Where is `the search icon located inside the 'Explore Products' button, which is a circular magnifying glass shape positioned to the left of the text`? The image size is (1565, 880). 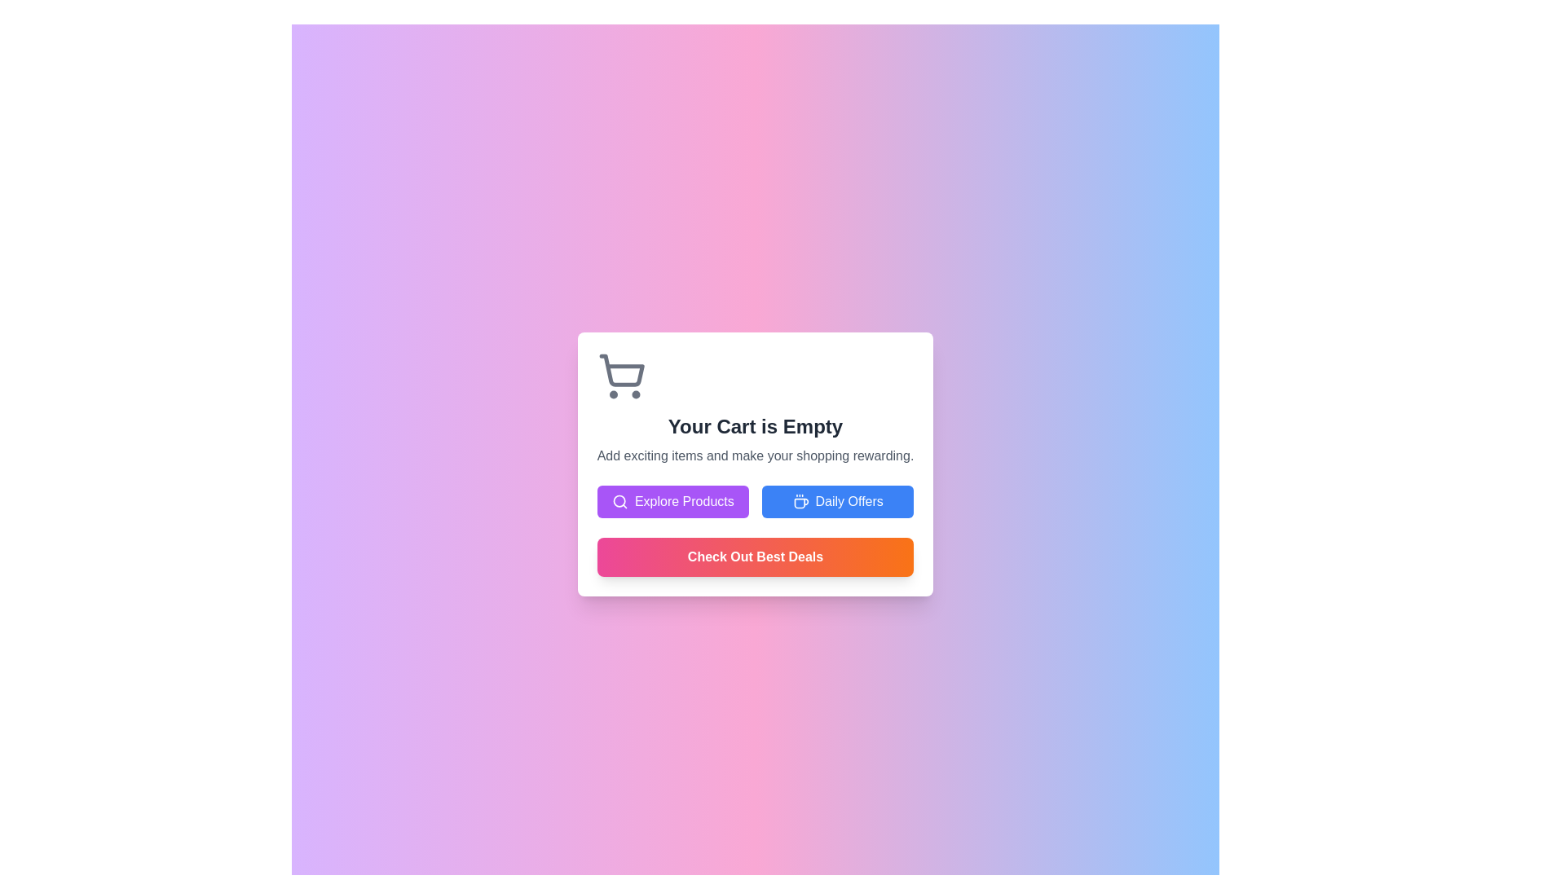 the search icon located inside the 'Explore Products' button, which is a circular magnifying glass shape positioned to the left of the text is located at coordinates (619, 501).